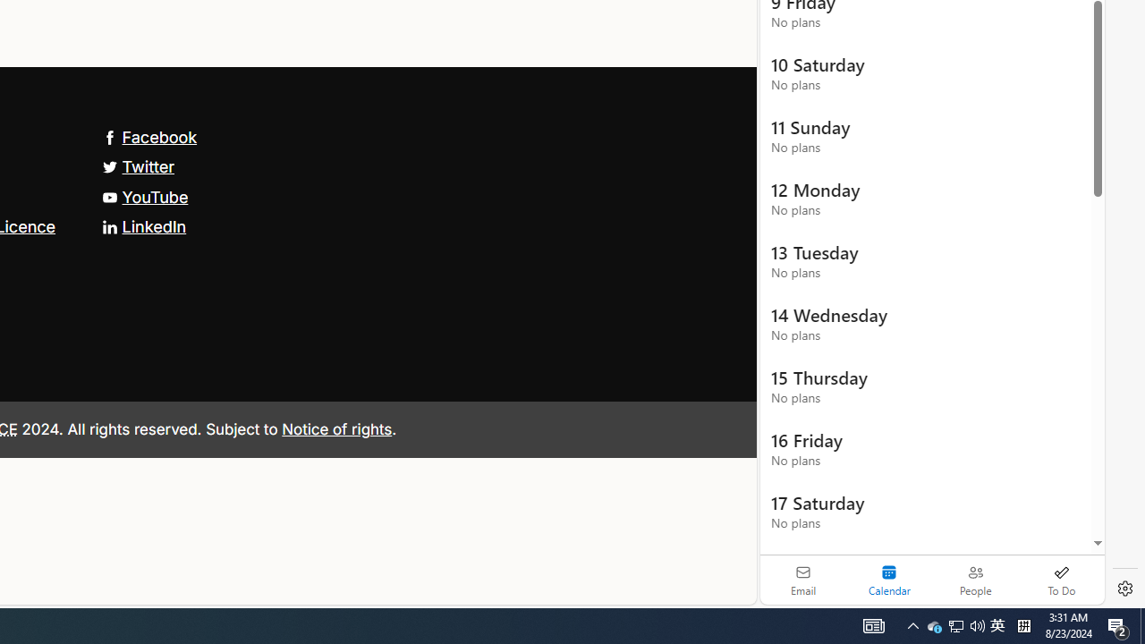  Describe the element at coordinates (145, 196) in the screenshot. I see `'YouTube'` at that location.